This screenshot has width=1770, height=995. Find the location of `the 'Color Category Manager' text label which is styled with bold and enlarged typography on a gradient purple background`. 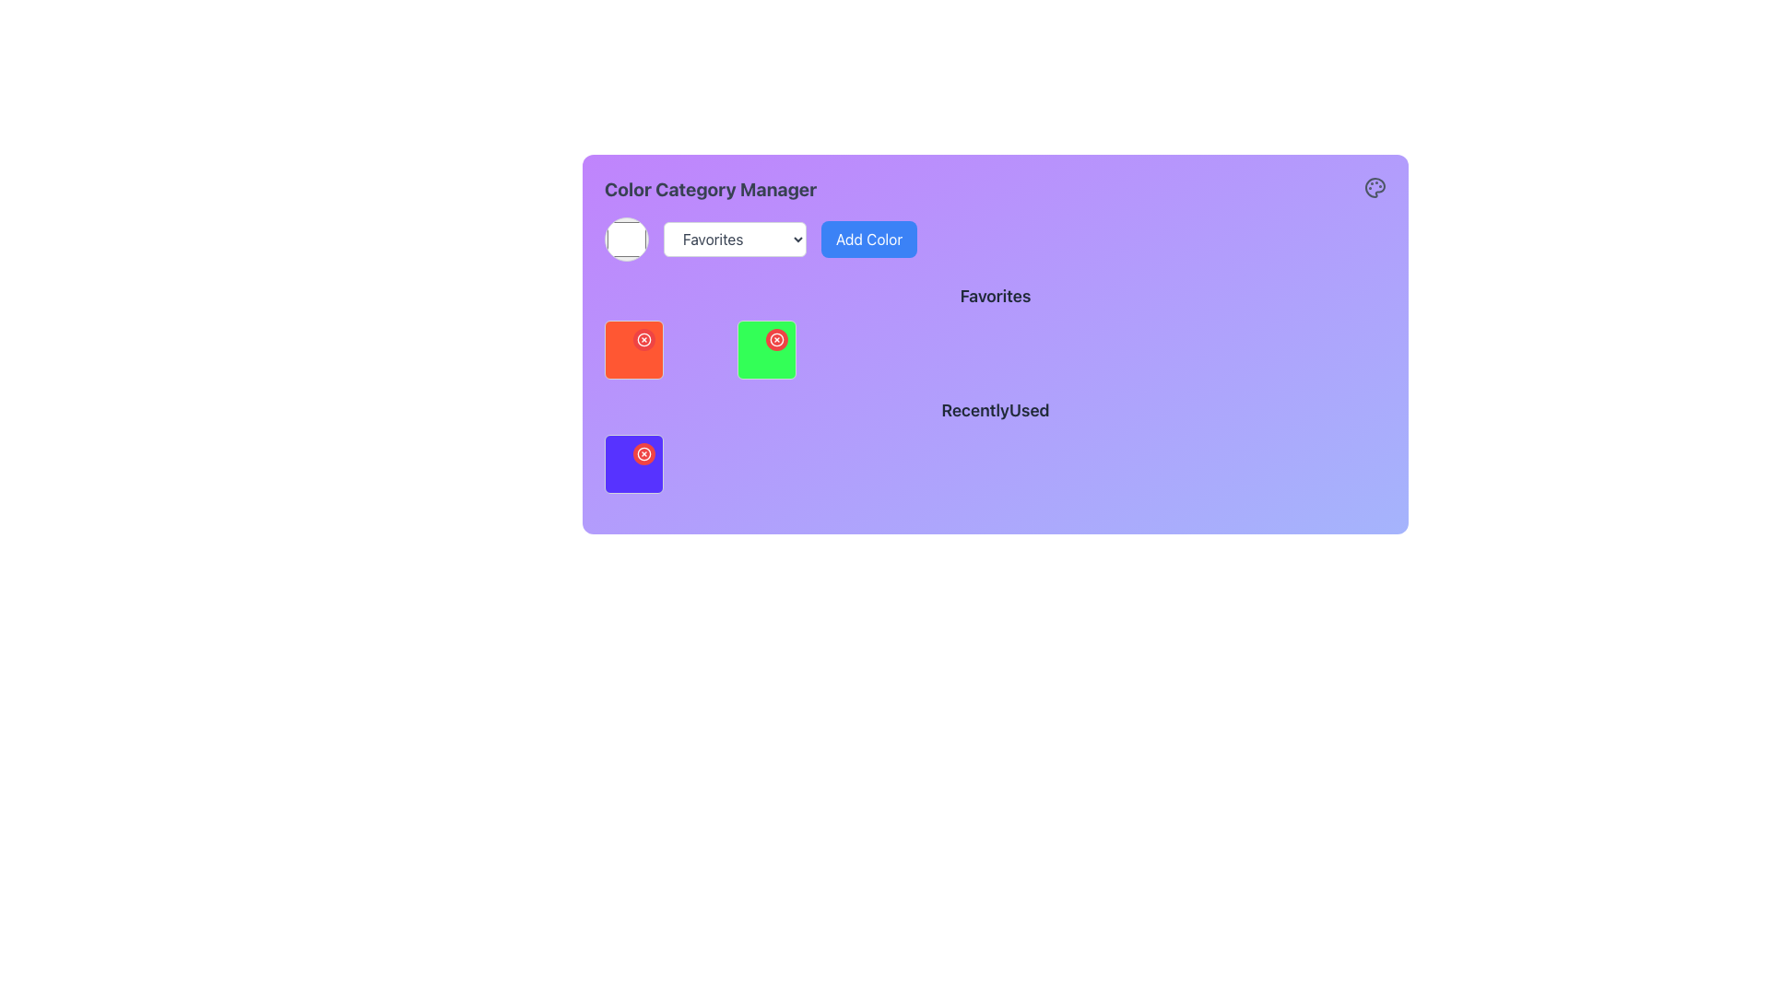

the 'Color Category Manager' text label which is styled with bold and enlarged typography on a gradient purple background is located at coordinates (710, 189).